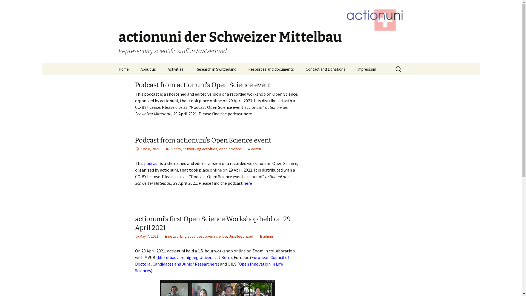  Describe the element at coordinates (146, 236) in the screenshot. I see `'May 7, 2021'` at that location.